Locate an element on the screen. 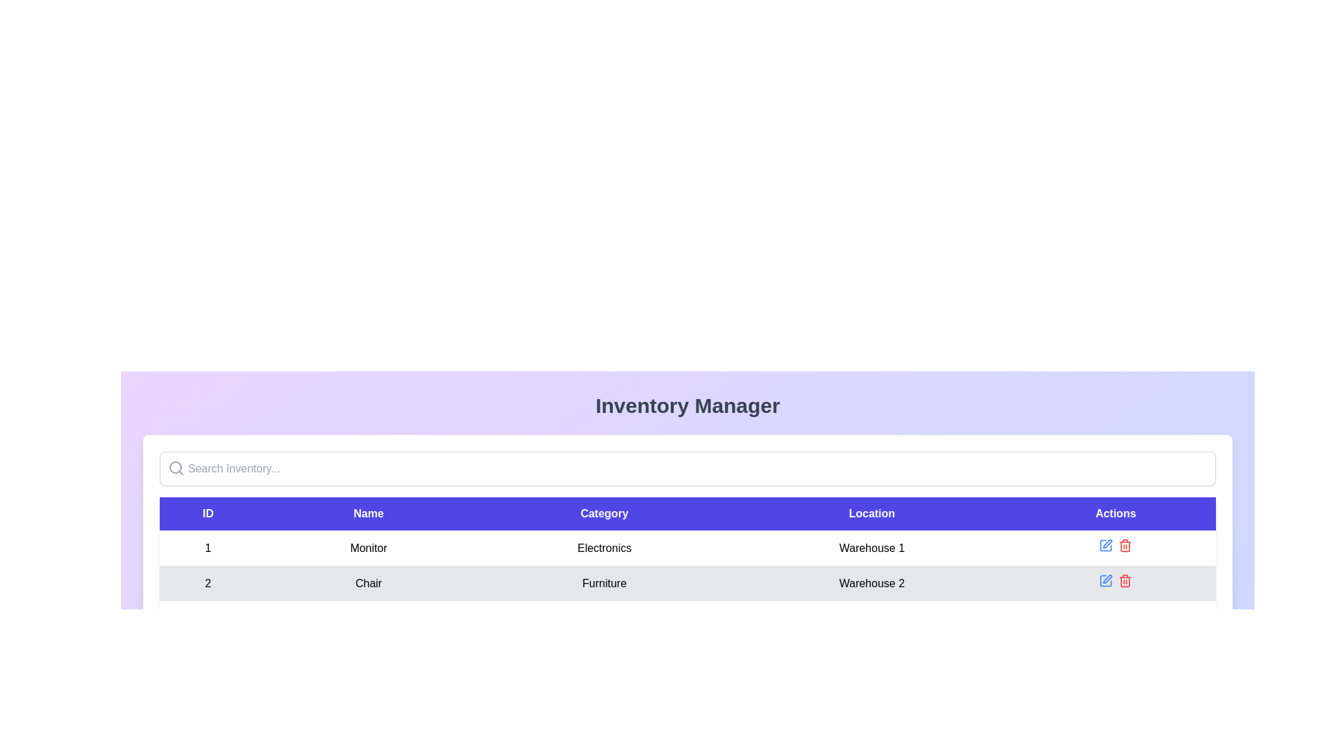 Image resolution: width=1328 pixels, height=747 pixels. the 'Category' label which is the third column header in the table, styled in bold white font on a purple background is located at coordinates (605, 514).